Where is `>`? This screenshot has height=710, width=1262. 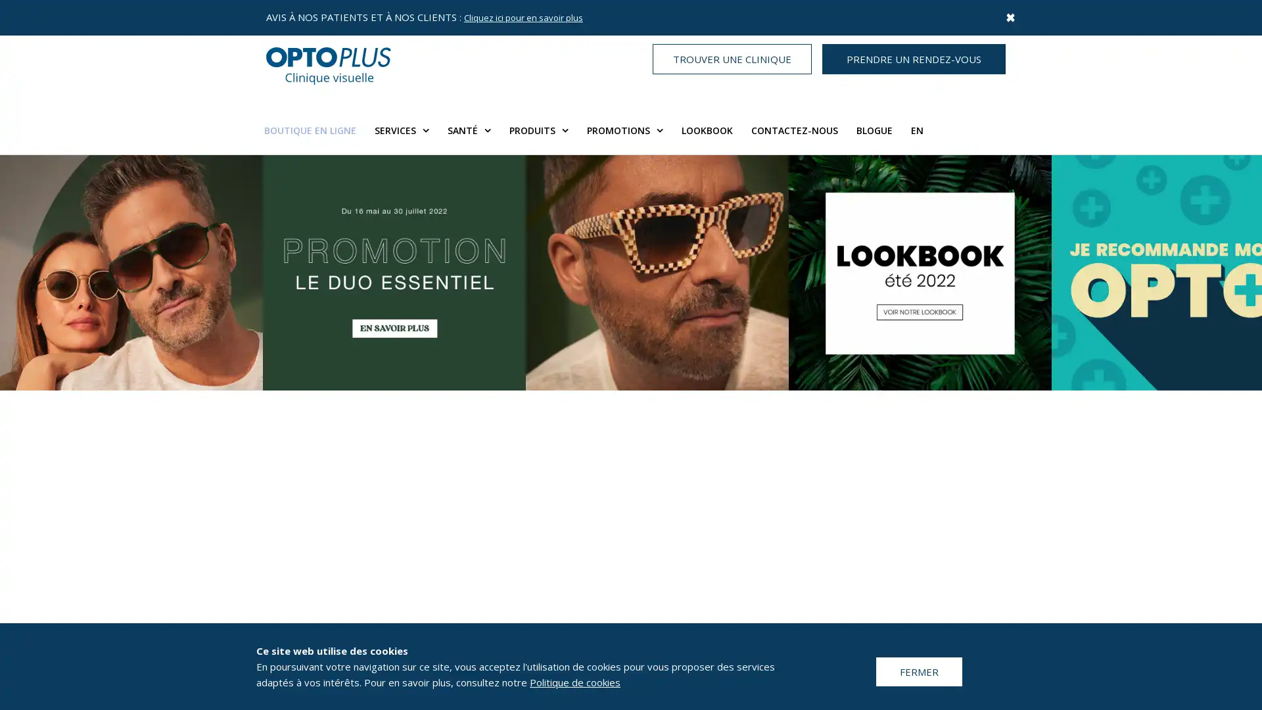 > is located at coordinates (1235, 463).